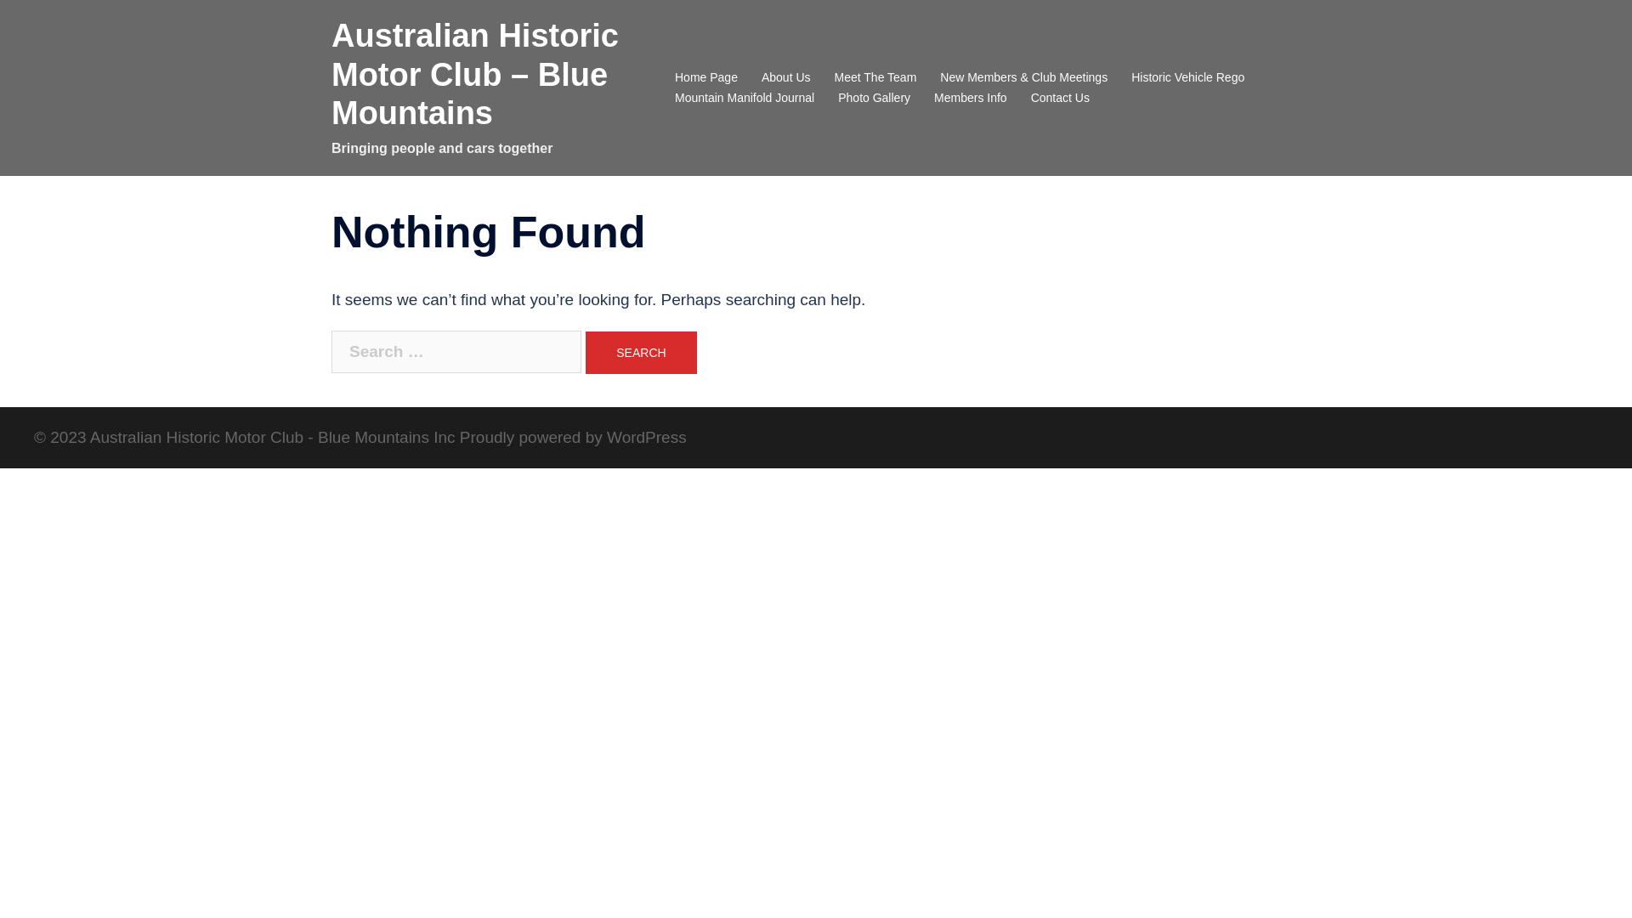 The height and width of the screenshot is (918, 1632). Describe the element at coordinates (785, 78) in the screenshot. I see `'About Us'` at that location.